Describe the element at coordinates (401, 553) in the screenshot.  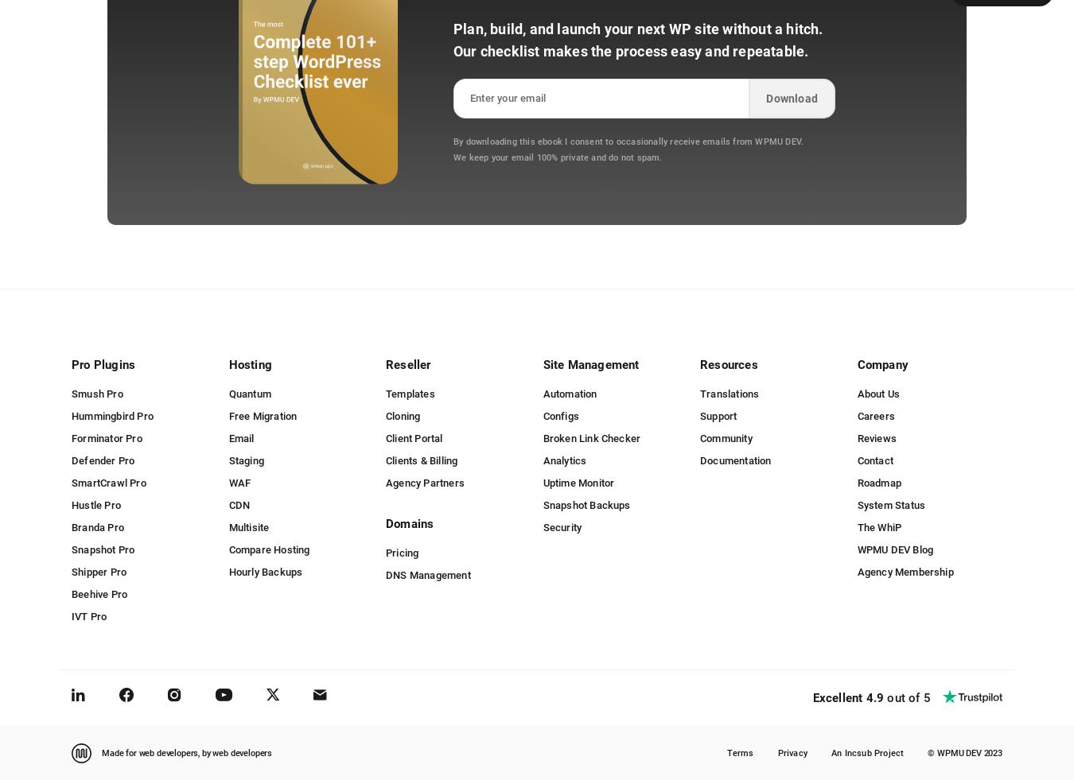
I see `'Pricing'` at that location.